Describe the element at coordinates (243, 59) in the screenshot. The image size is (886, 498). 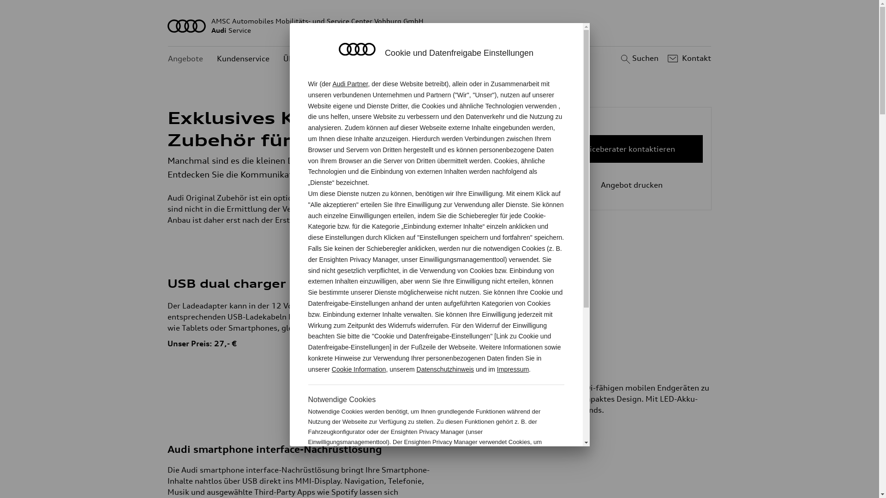
I see `'Kundenservice'` at that location.